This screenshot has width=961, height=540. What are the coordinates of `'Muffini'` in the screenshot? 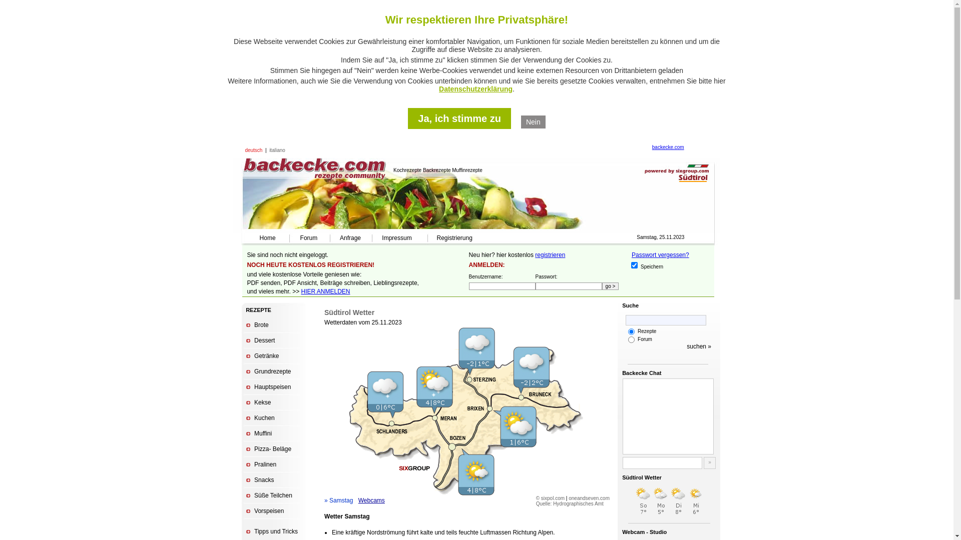 It's located at (254, 433).